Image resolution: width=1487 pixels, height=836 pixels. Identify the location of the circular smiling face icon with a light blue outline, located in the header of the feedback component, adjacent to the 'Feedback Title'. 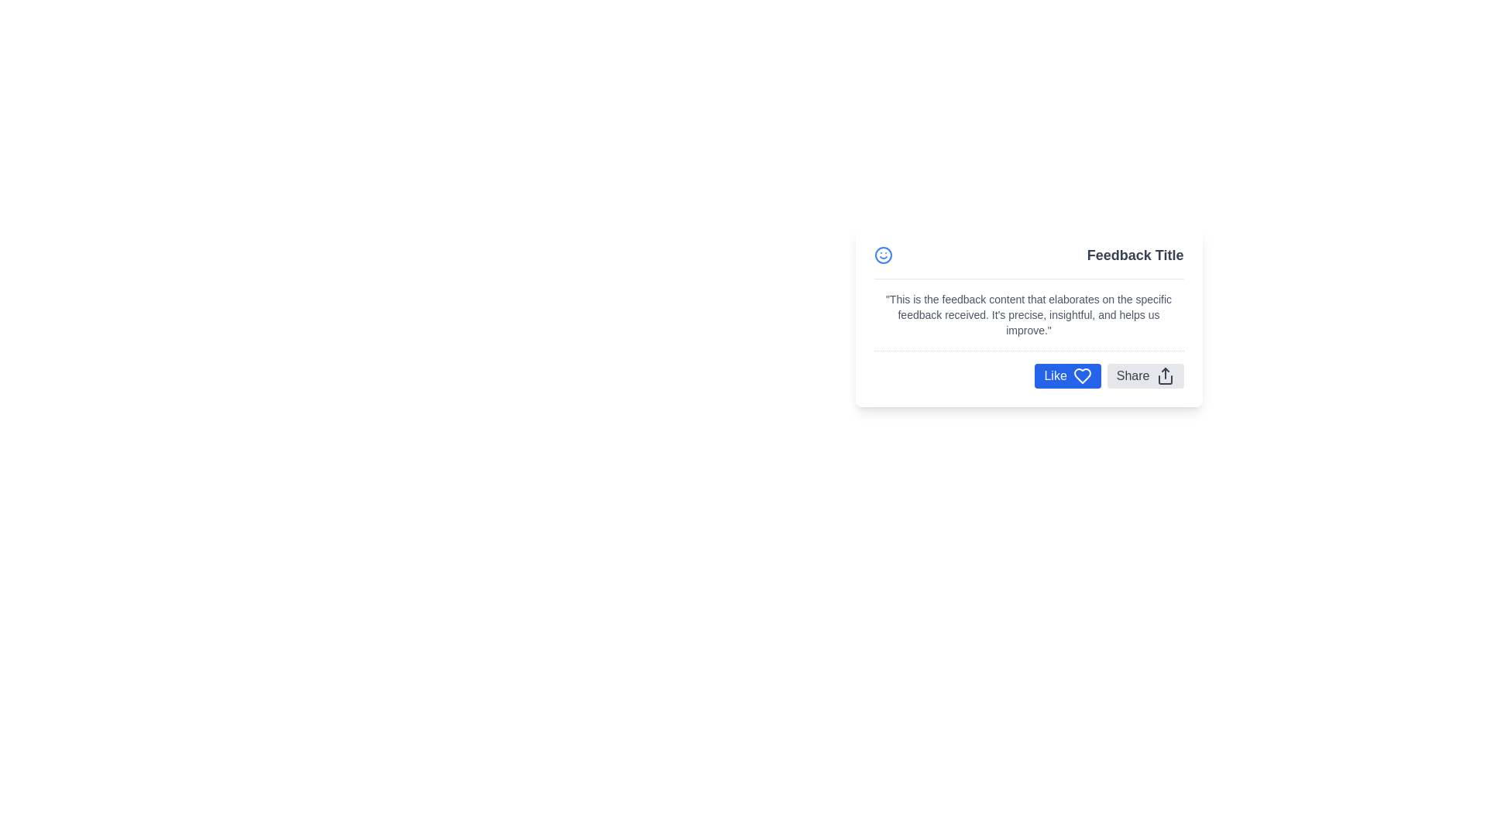
(883, 255).